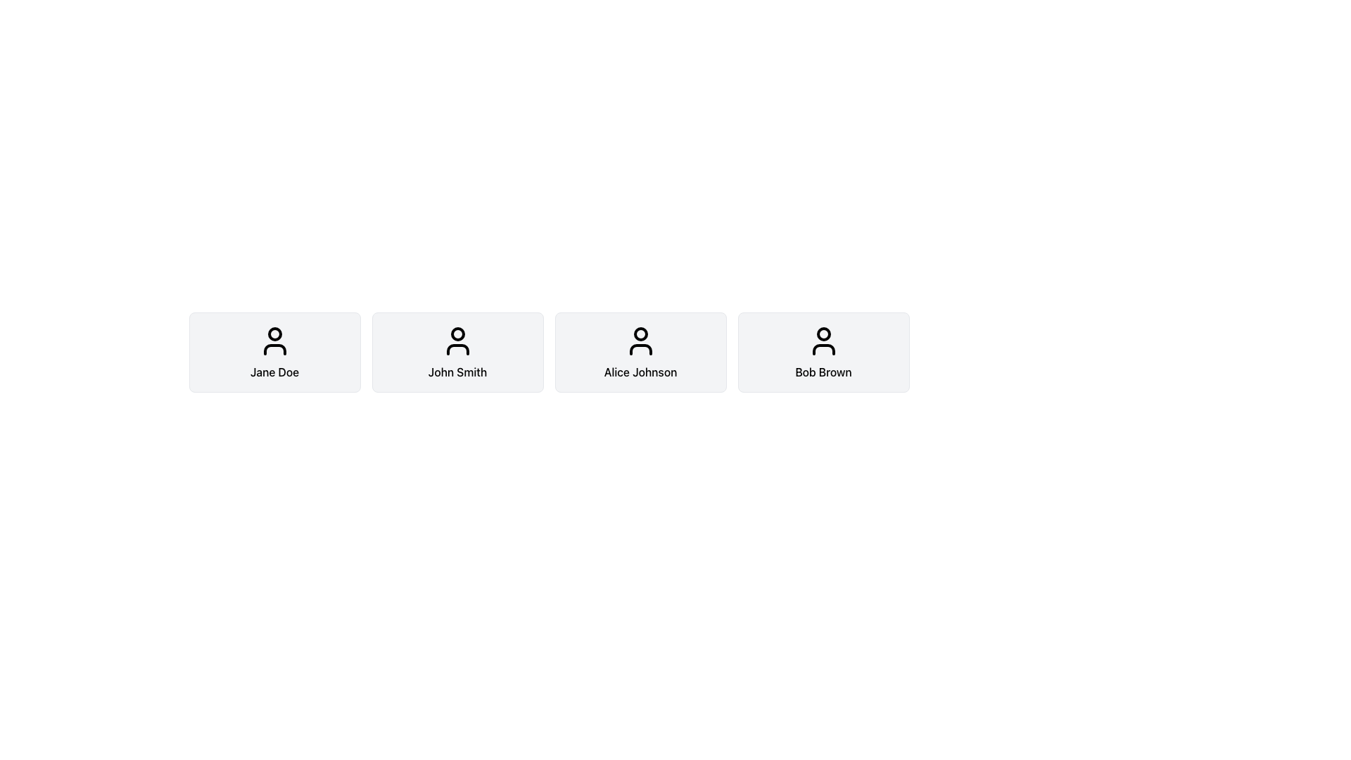  Describe the element at coordinates (640, 334) in the screenshot. I see `the head portion of the user profile icon labeled 'Alice Johnson', which is the third icon from the left in a horizontal grid of user cards` at that location.